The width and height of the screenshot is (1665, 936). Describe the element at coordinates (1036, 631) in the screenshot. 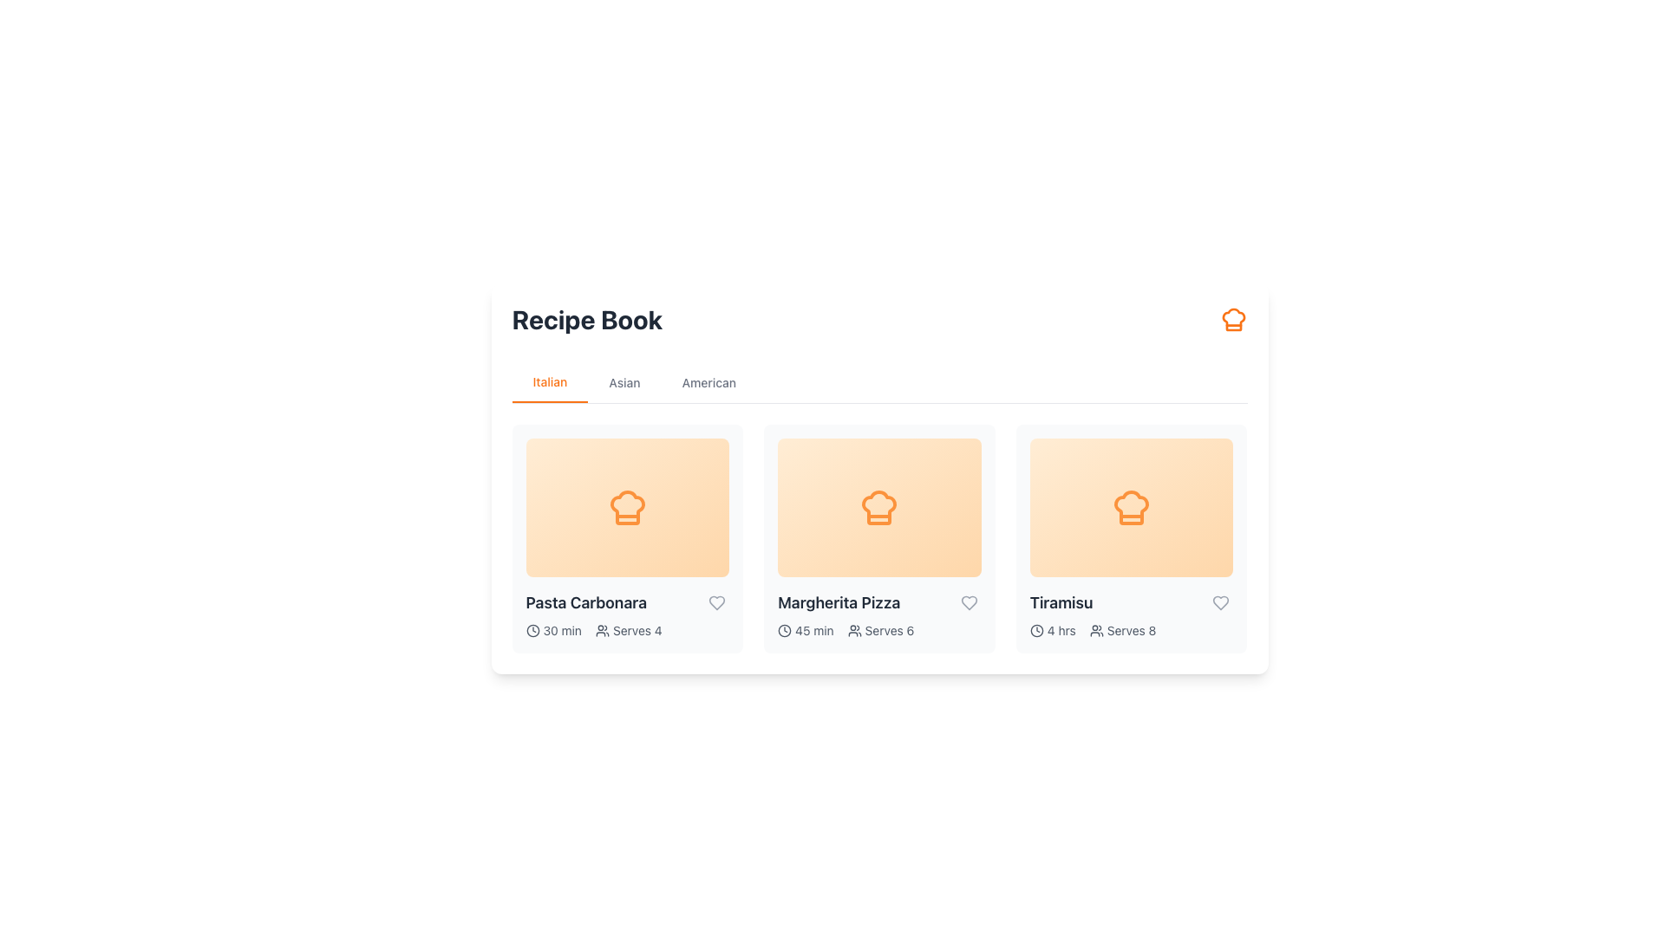

I see `the clock icon, a 24x24 pixel graphic located in the details section of the 'Tiramisu' recipe card, which has minimalistic hands indicating time` at that location.